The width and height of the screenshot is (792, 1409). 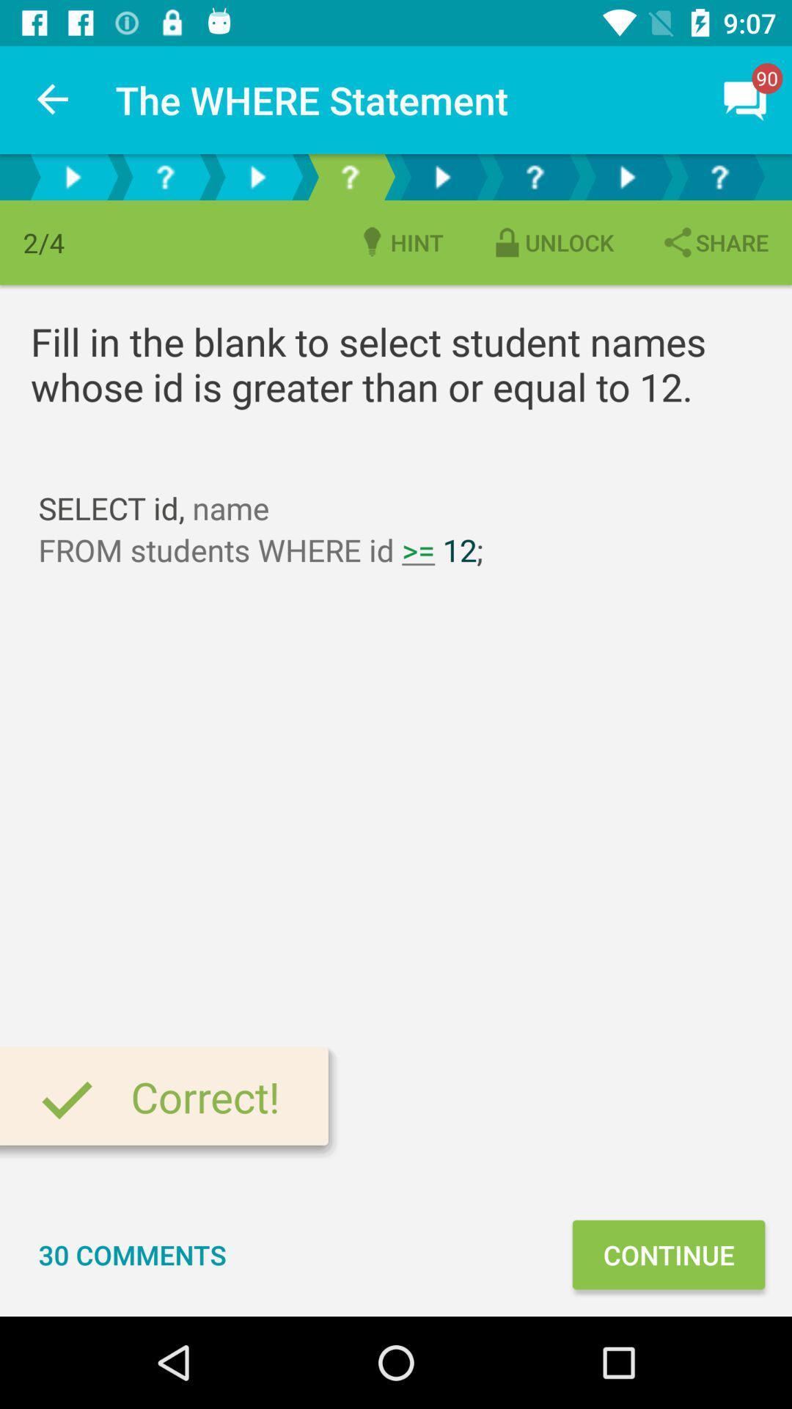 What do you see at coordinates (714, 242) in the screenshot?
I see `the option having the text share along with an icon` at bounding box center [714, 242].